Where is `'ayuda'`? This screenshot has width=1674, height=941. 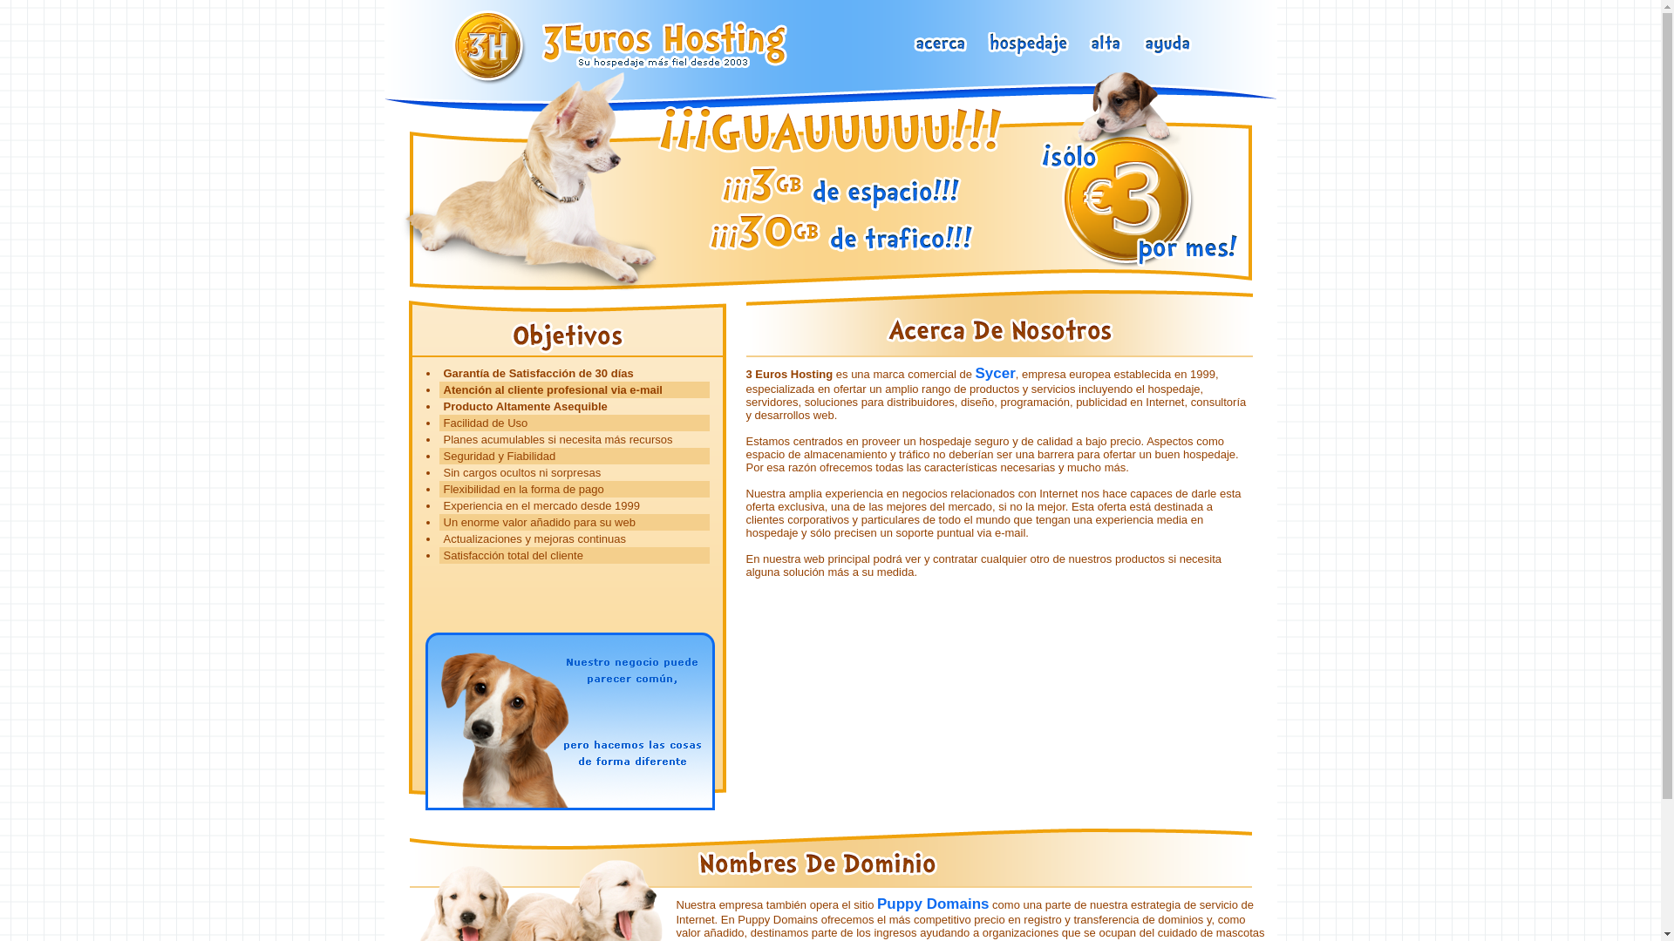
'ayuda' is located at coordinates (1167, 44).